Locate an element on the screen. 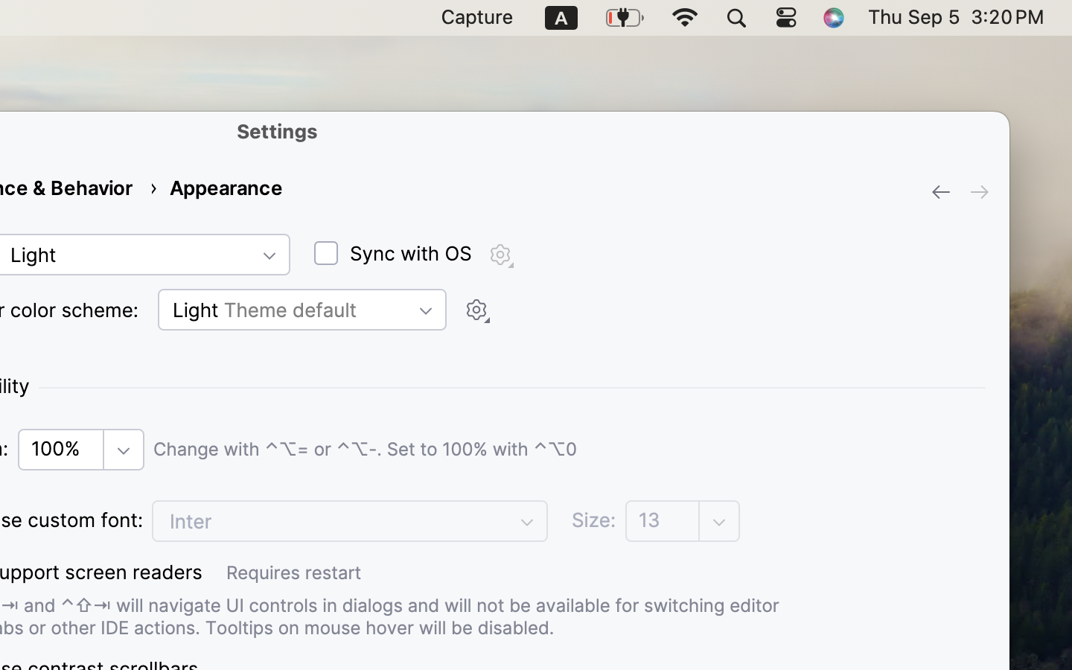  'Settings' is located at coordinates (276, 131).